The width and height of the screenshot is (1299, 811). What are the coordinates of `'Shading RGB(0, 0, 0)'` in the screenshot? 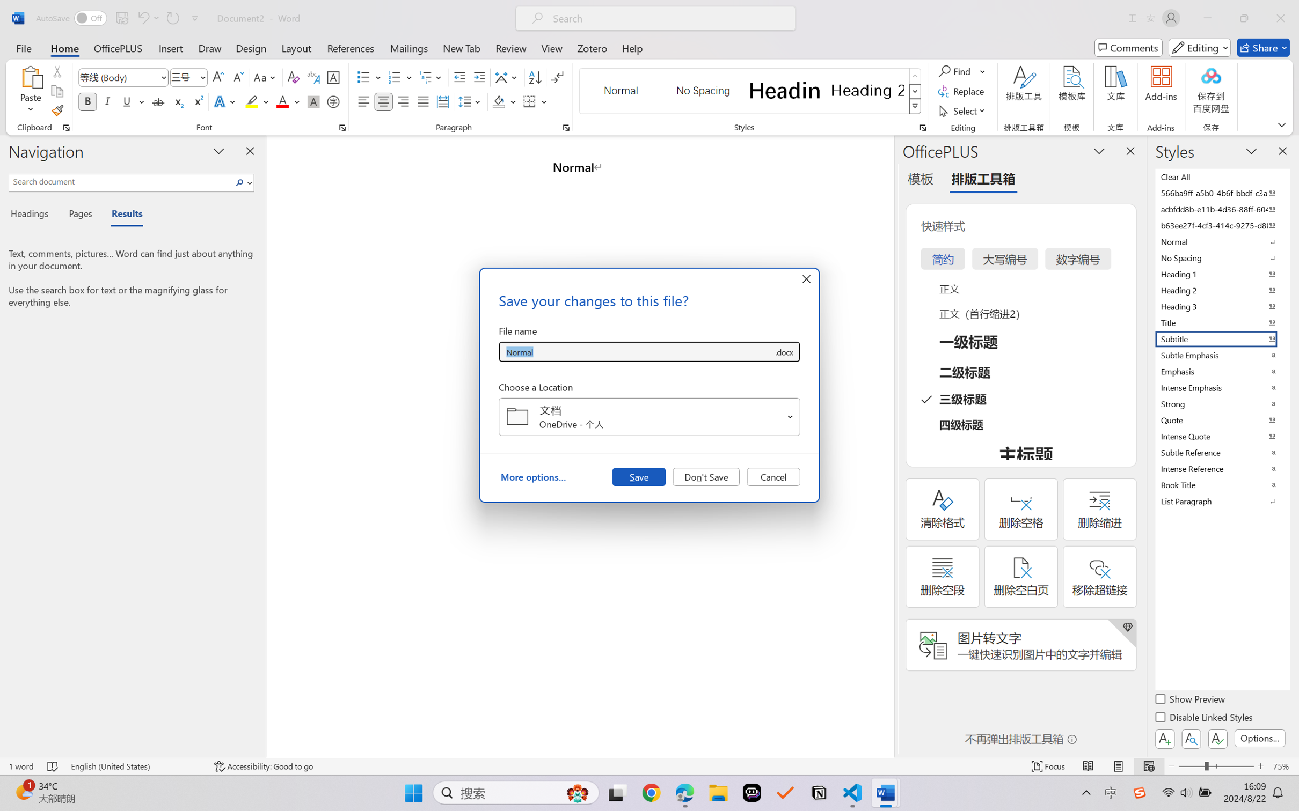 It's located at (498, 101).